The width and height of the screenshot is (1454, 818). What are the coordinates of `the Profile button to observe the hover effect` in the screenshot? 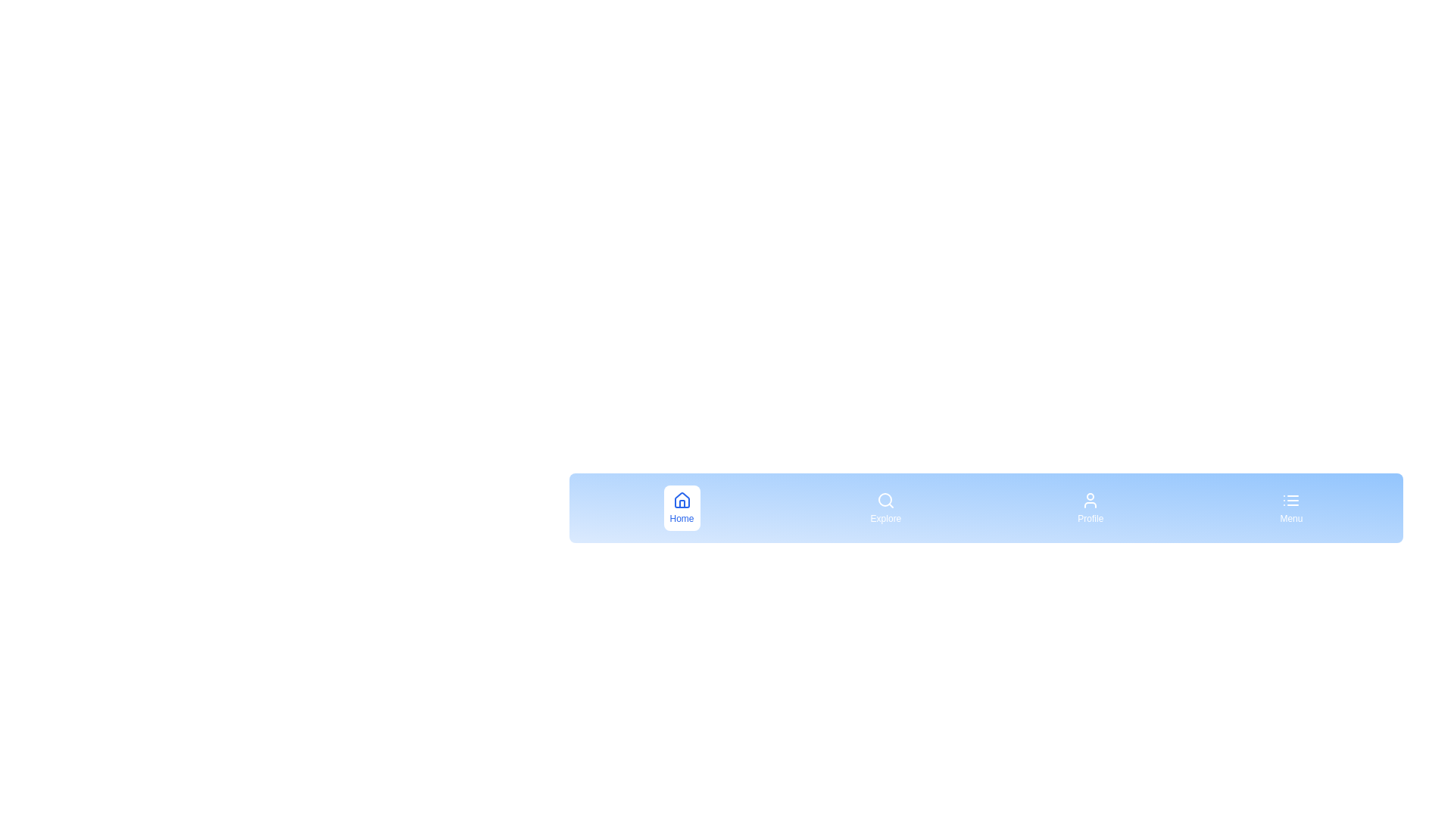 It's located at (1090, 508).